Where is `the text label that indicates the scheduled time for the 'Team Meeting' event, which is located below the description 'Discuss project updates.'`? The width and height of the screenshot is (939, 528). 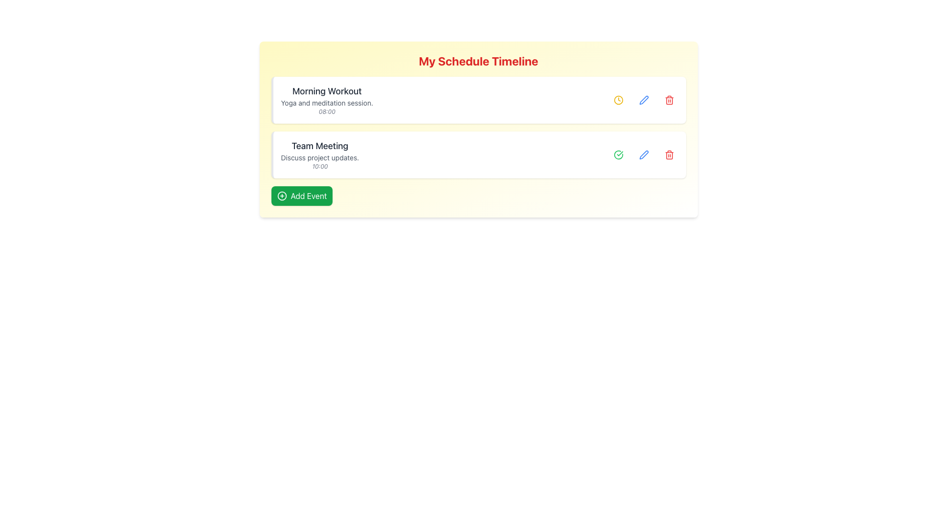 the text label that indicates the scheduled time for the 'Team Meeting' event, which is located below the description 'Discuss project updates.' is located at coordinates (320, 166).